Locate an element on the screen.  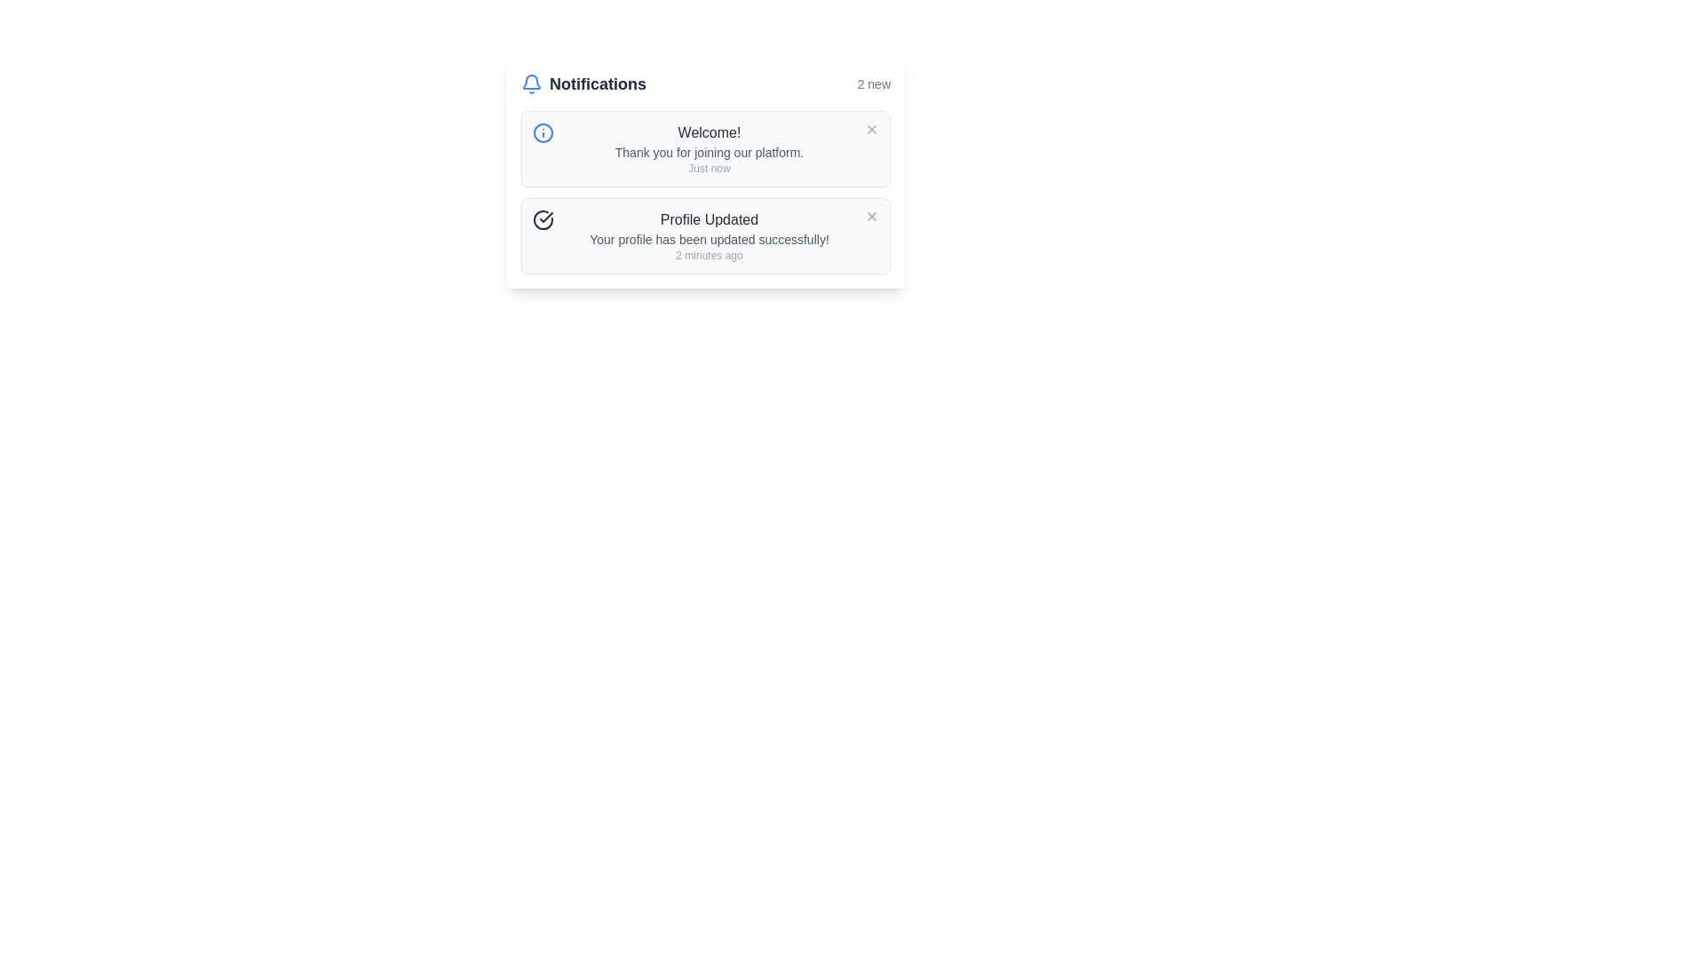
the circular notification icon located in the lower notification entry of the notifications section is located at coordinates (542, 218).